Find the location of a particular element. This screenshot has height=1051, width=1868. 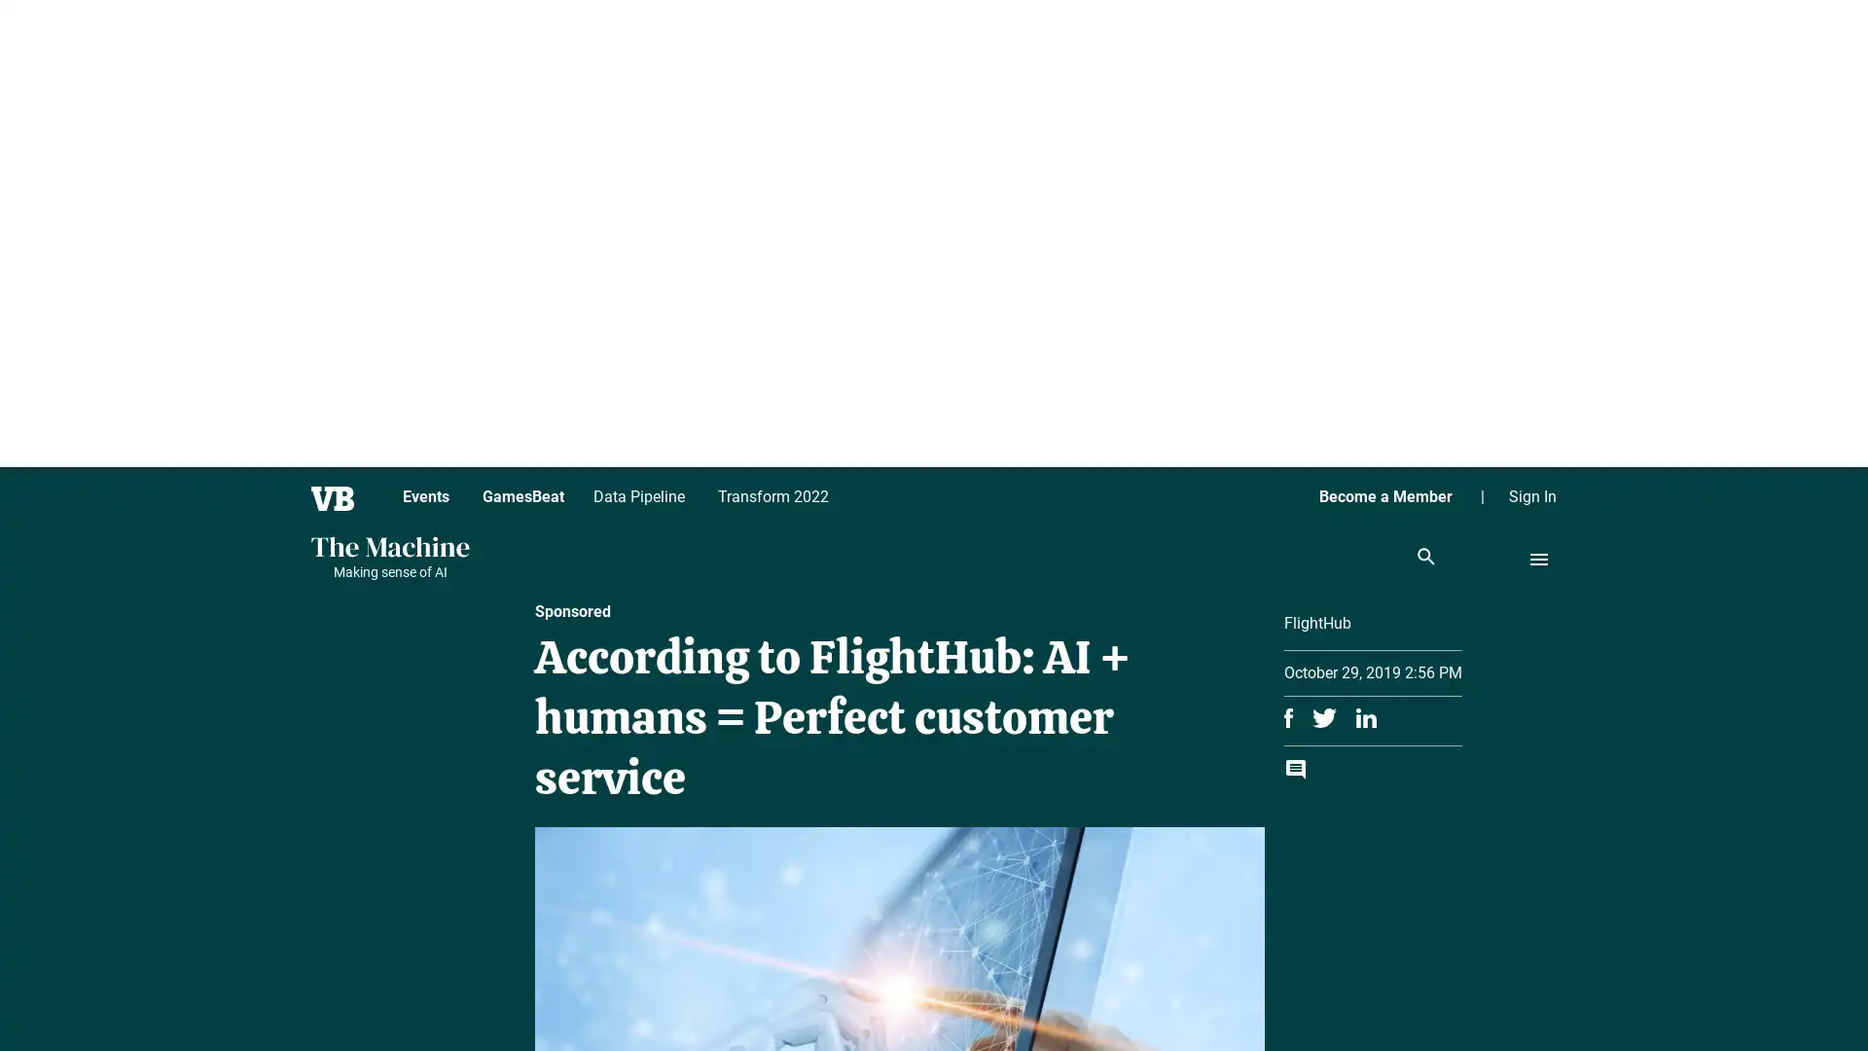

Open navigation menu is located at coordinates (1538, 559).